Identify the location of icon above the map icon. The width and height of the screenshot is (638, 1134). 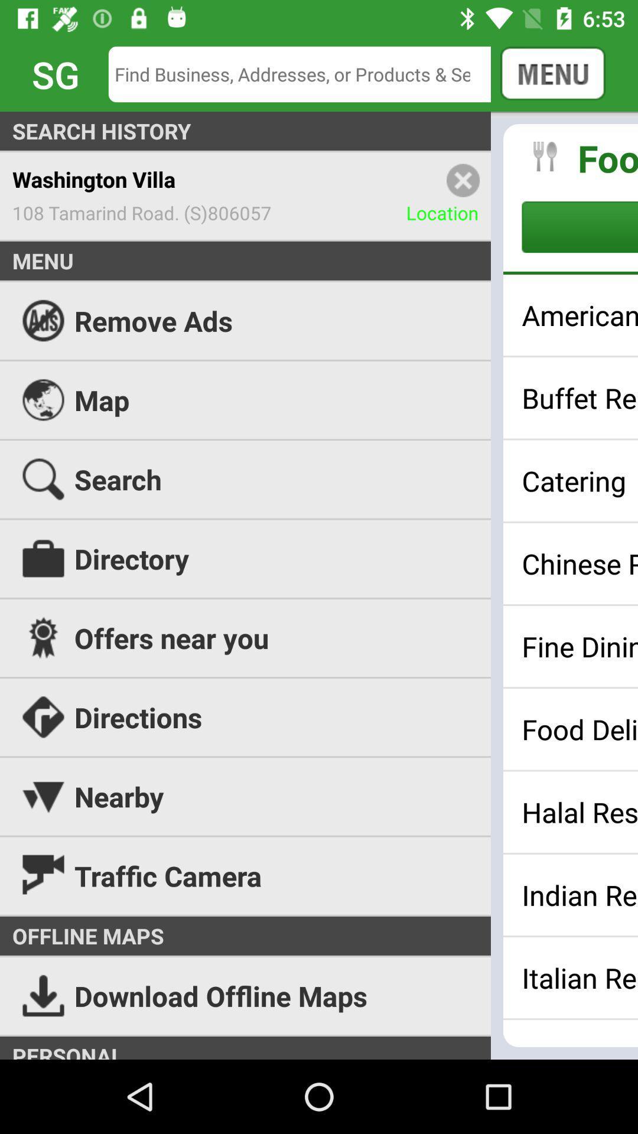
(319, 321).